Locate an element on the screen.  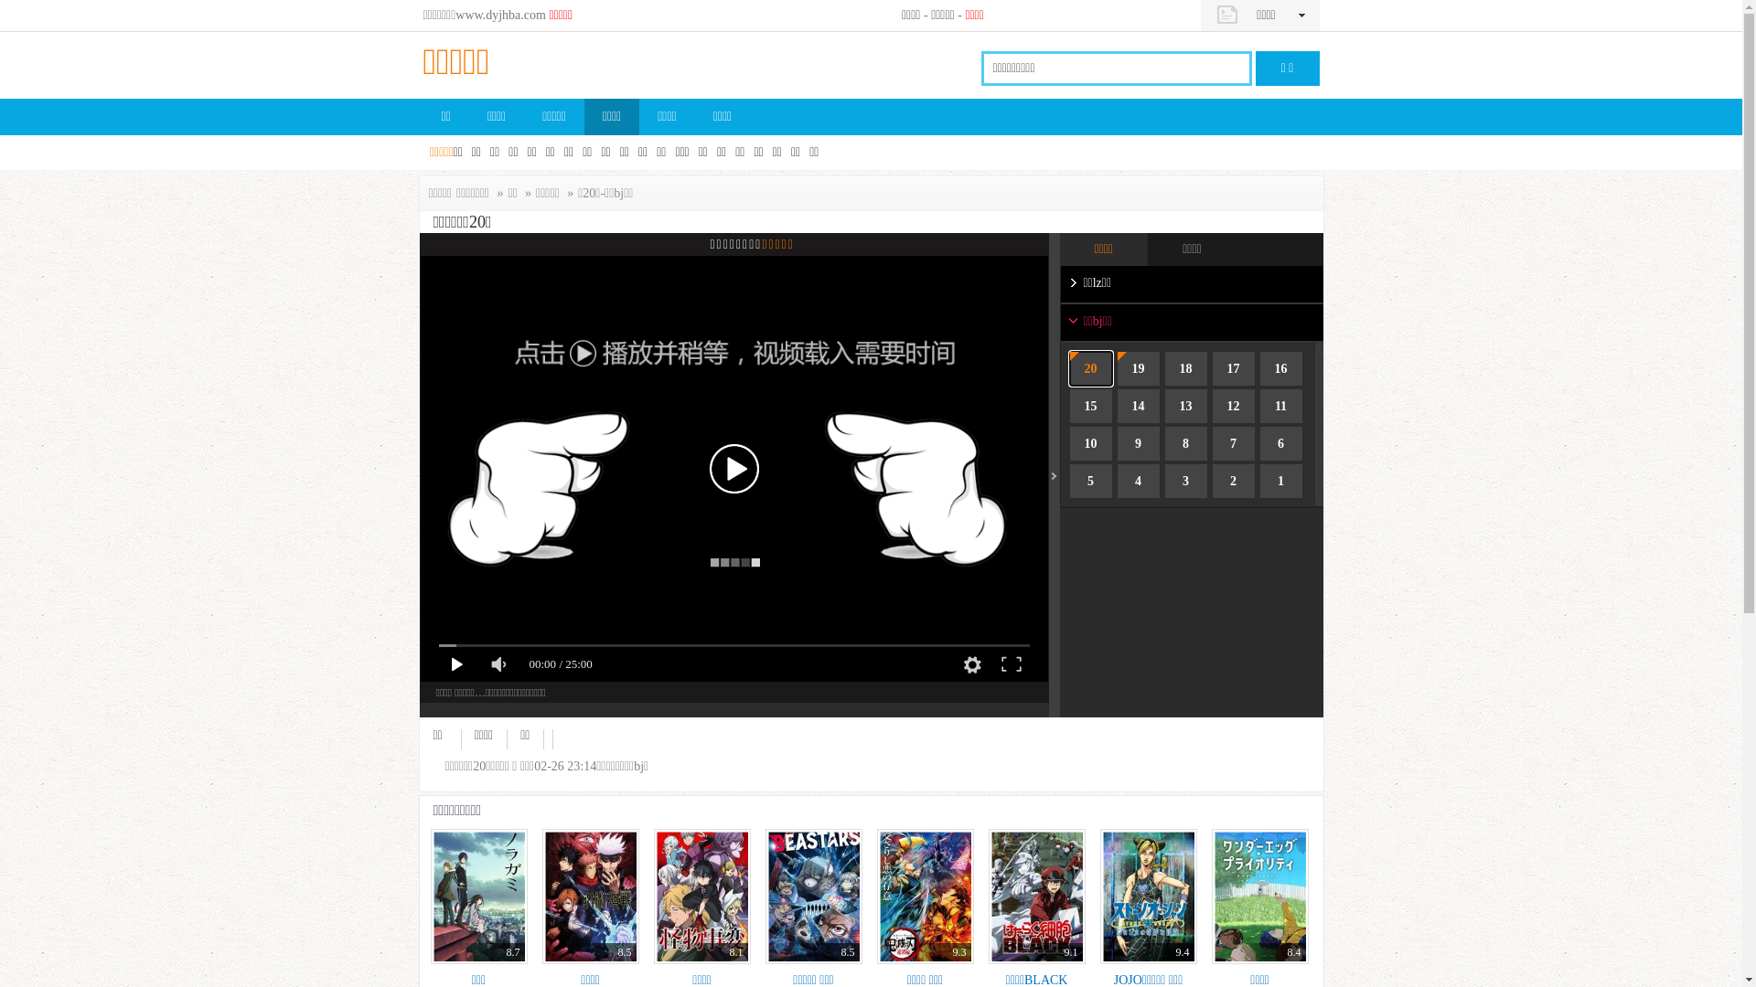
'10' is located at coordinates (1070, 443).